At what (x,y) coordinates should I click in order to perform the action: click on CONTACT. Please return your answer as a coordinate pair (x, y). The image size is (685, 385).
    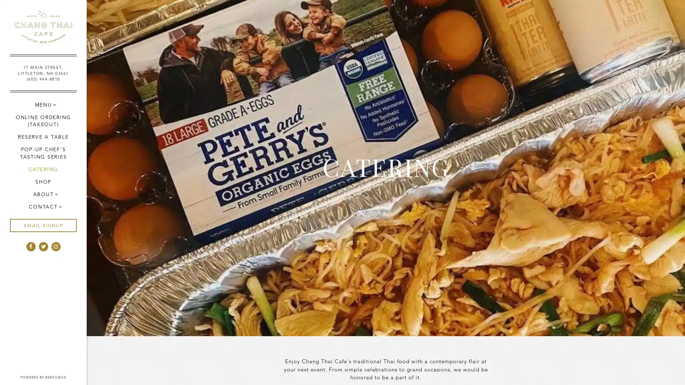
    Looking at the image, I should click on (42, 206).